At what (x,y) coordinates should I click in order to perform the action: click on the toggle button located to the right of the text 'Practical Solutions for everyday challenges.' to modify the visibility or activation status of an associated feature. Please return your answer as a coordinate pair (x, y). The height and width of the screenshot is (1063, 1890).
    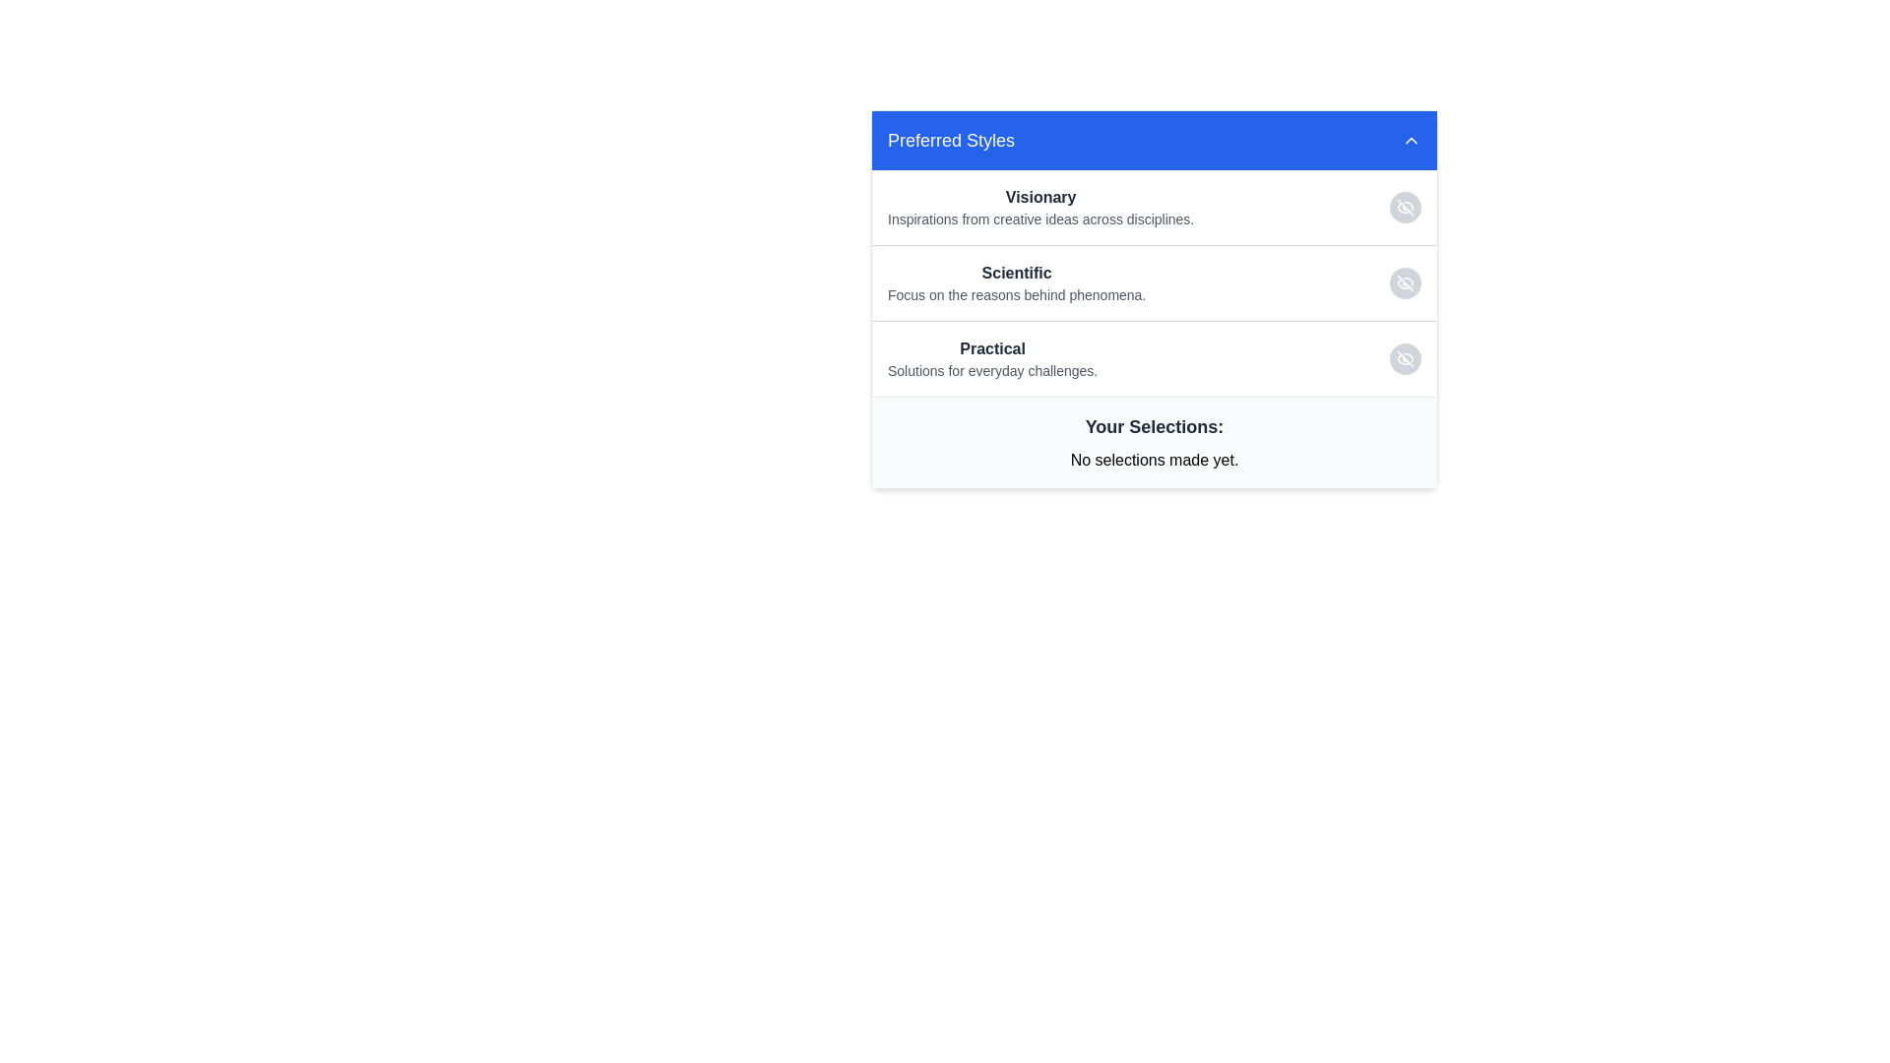
    Looking at the image, I should click on (1405, 359).